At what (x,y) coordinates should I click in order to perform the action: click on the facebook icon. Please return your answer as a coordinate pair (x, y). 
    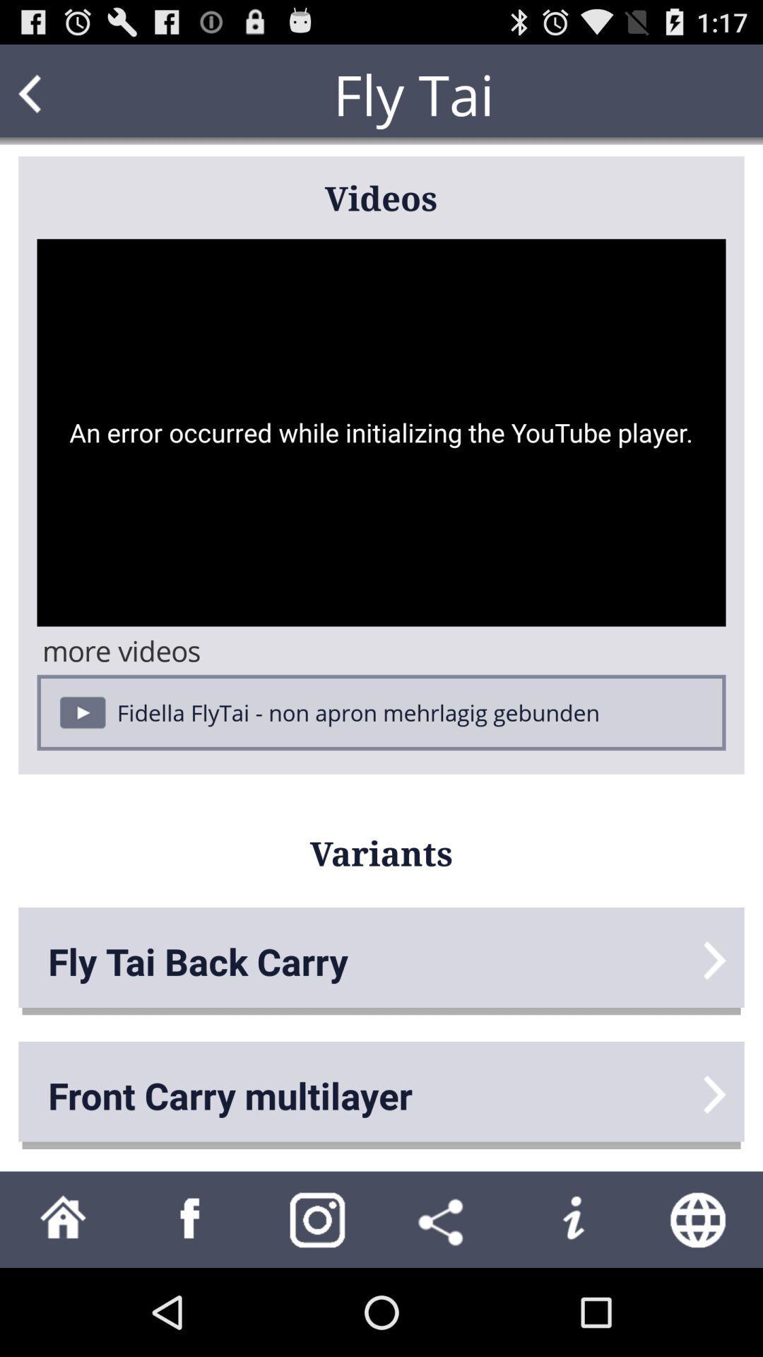
    Looking at the image, I should click on (191, 1305).